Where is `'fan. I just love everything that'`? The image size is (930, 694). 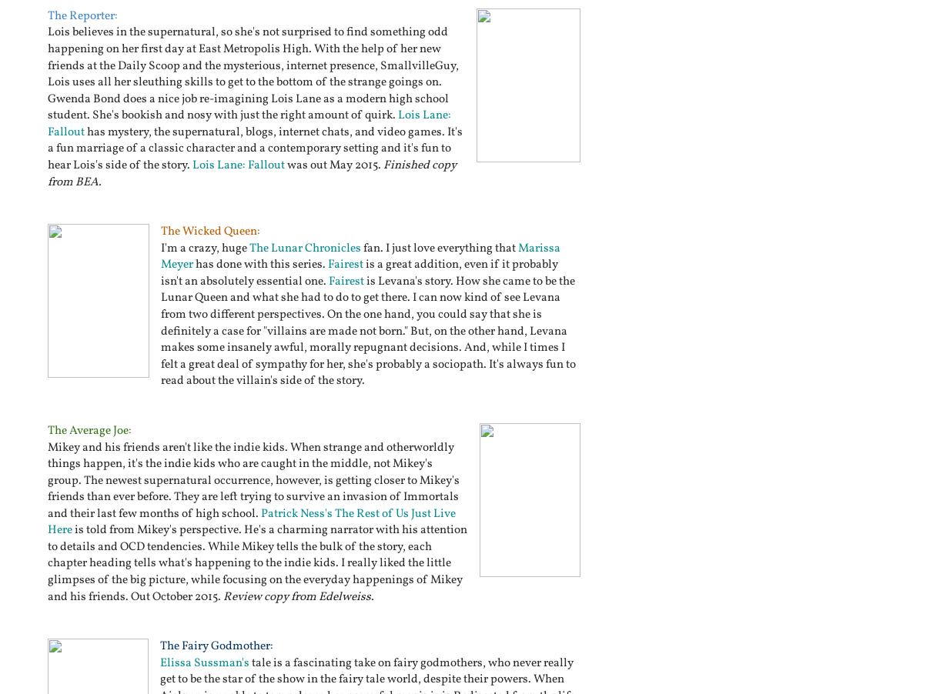 'fan. I just love everything that' is located at coordinates (440, 247).